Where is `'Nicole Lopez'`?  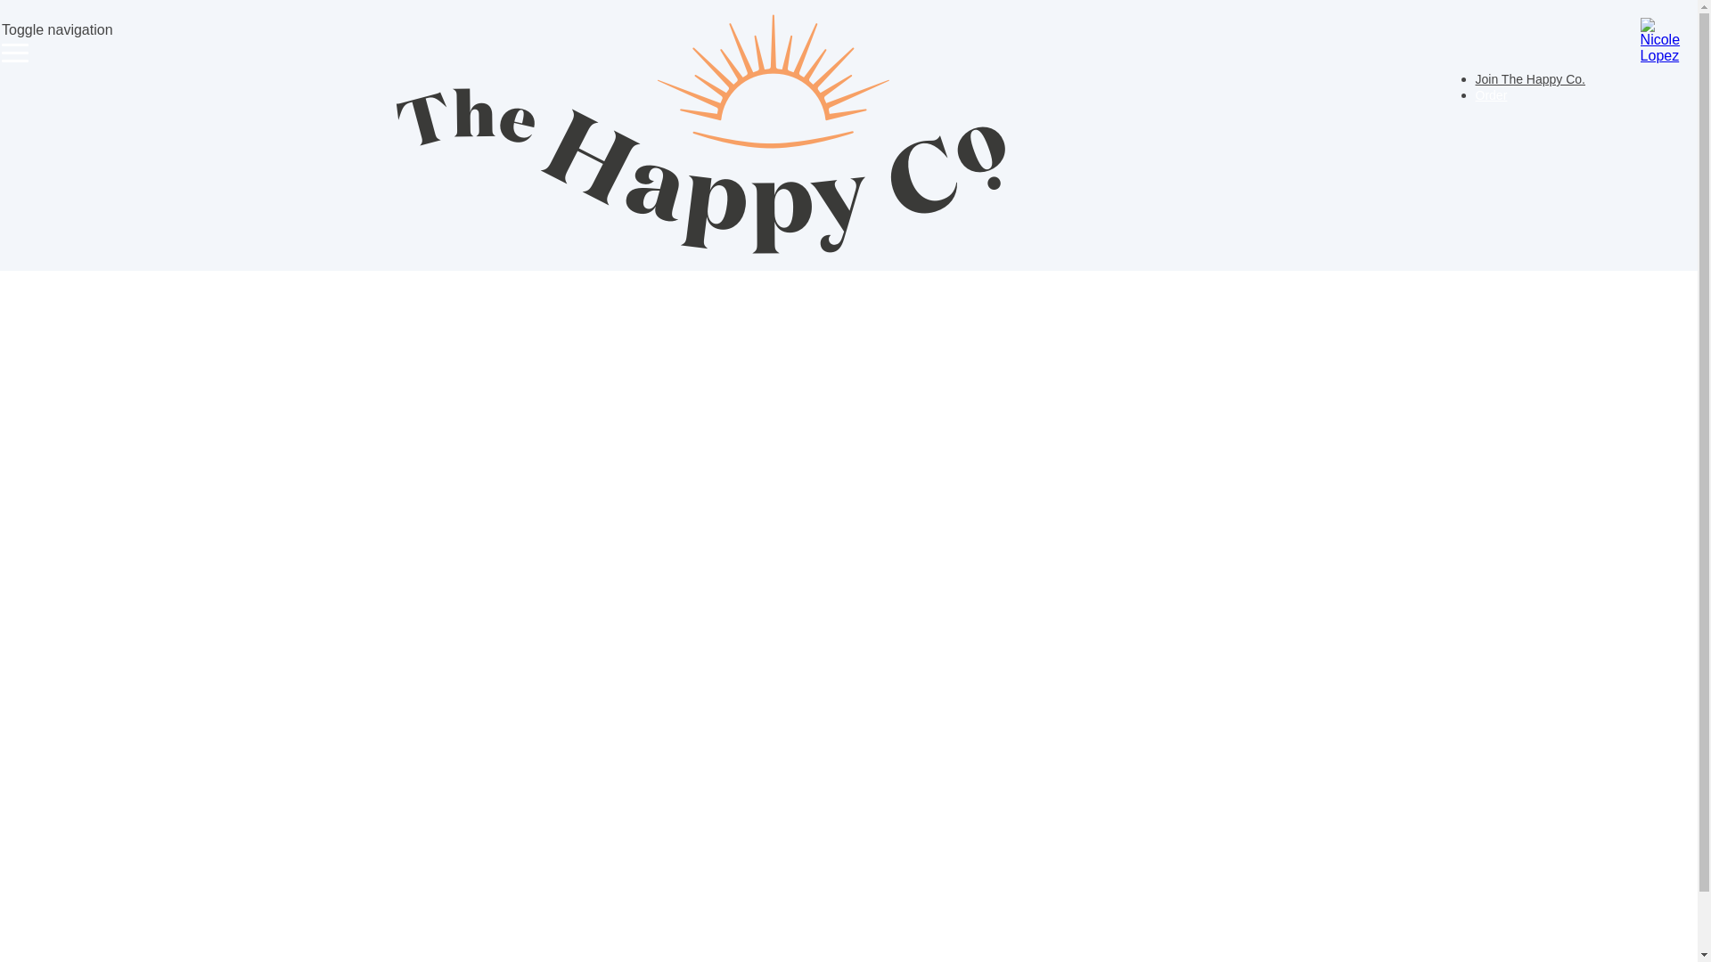 'Nicole Lopez' is located at coordinates (1640, 40).